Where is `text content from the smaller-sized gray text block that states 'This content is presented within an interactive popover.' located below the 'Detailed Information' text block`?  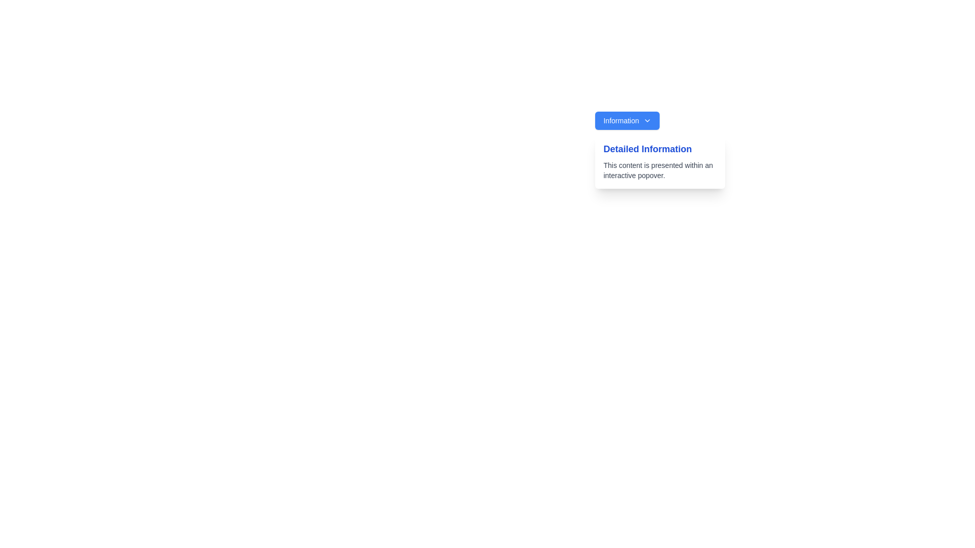 text content from the smaller-sized gray text block that states 'This content is presented within an interactive popover.' located below the 'Detailed Information' text block is located at coordinates (660, 169).